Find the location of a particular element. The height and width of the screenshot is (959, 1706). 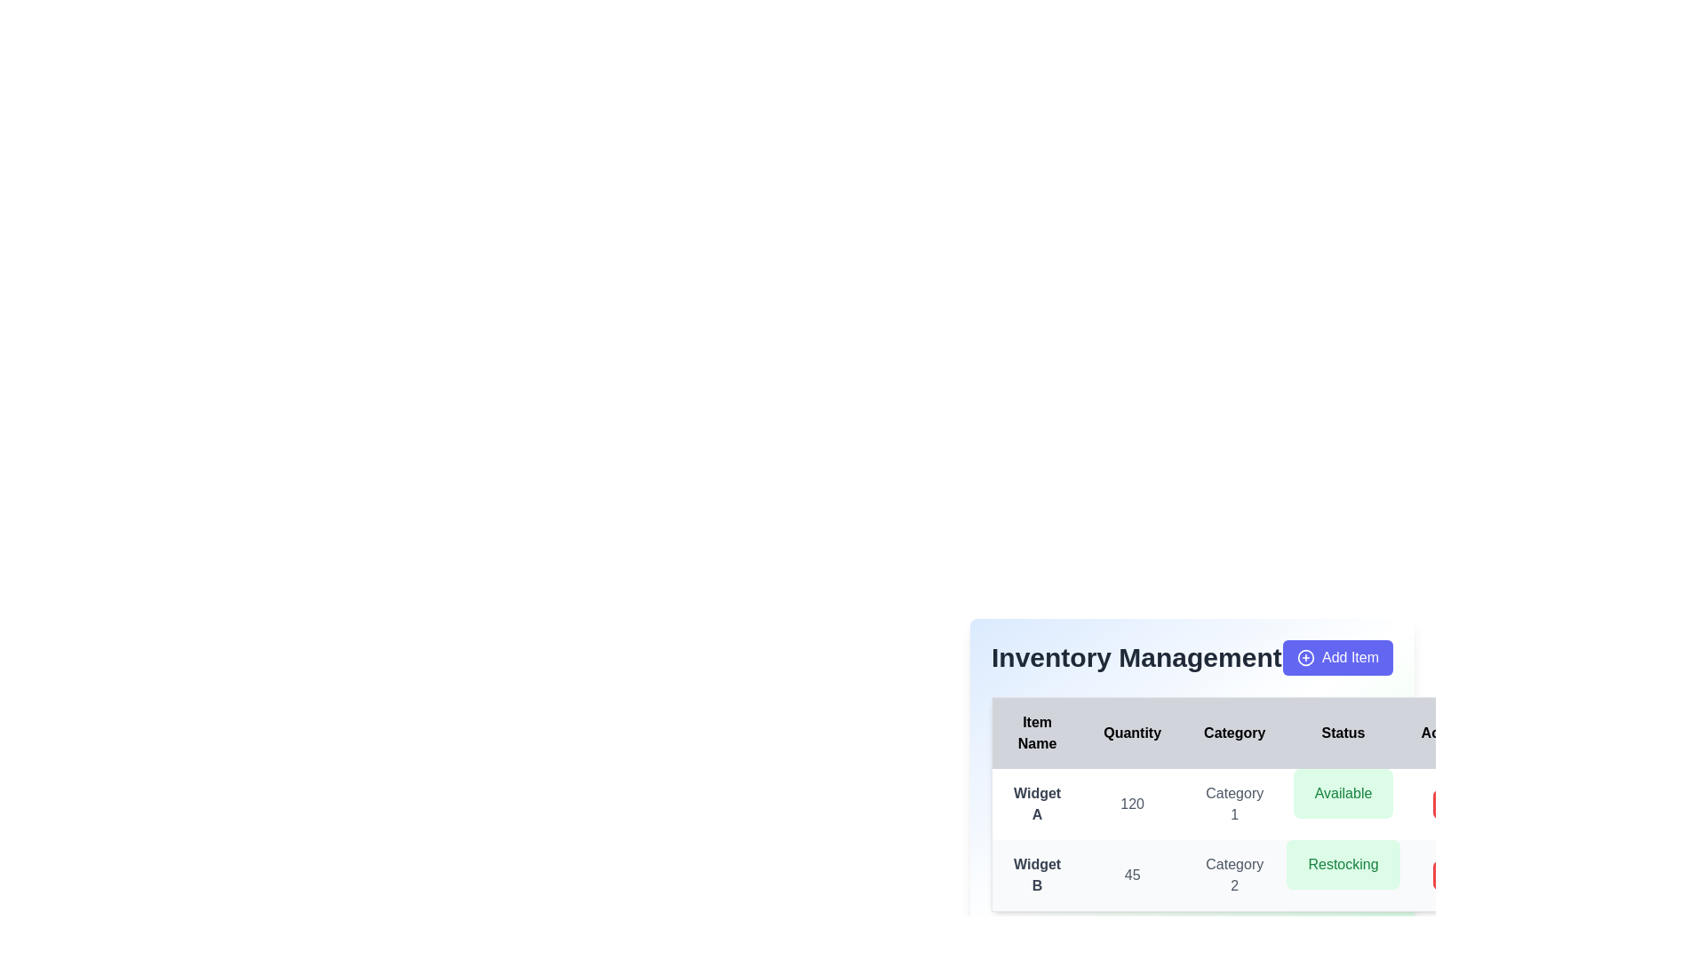

the header row of the table, which contains the column headers 'Item Name', 'Quantity', 'Category', 'Status', and 'Actions' is located at coordinates (1242, 733).